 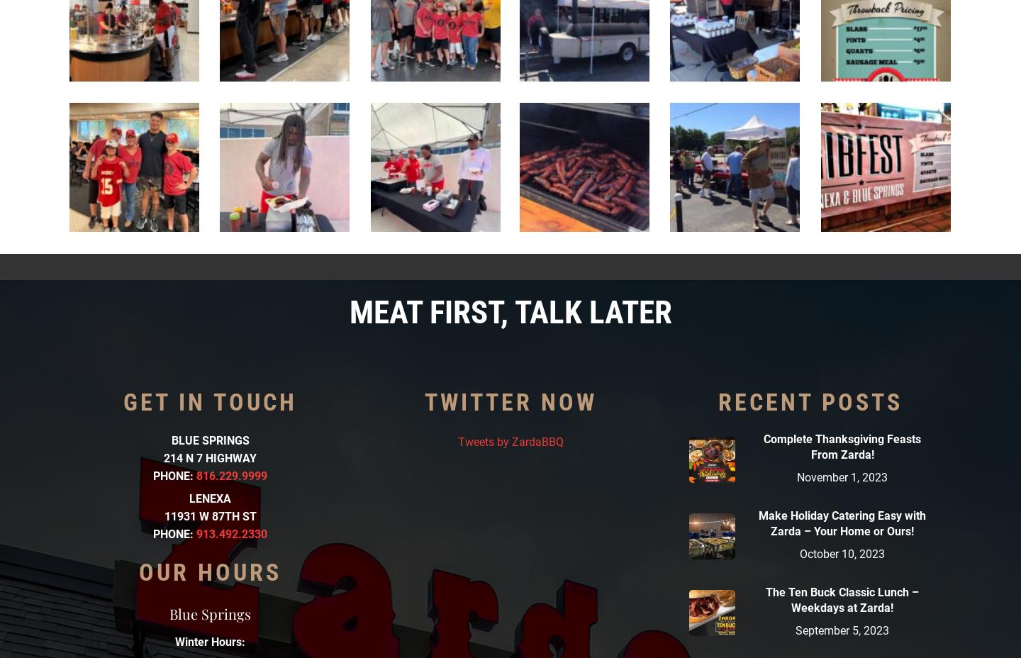 What do you see at coordinates (209, 400) in the screenshot?
I see `'Get In Touch'` at bounding box center [209, 400].